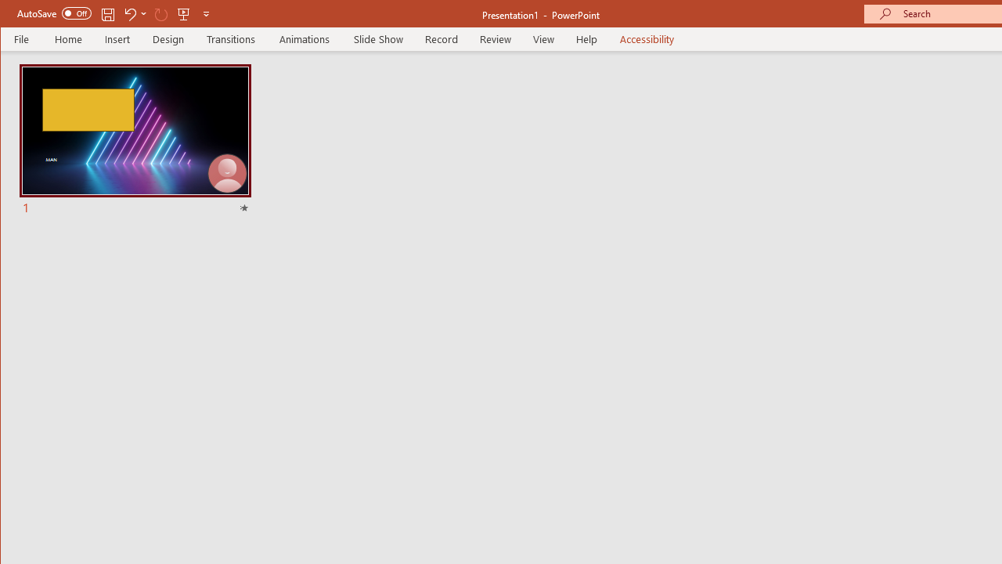 The width and height of the screenshot is (1002, 564). Describe the element at coordinates (117, 38) in the screenshot. I see `'Insert'` at that location.